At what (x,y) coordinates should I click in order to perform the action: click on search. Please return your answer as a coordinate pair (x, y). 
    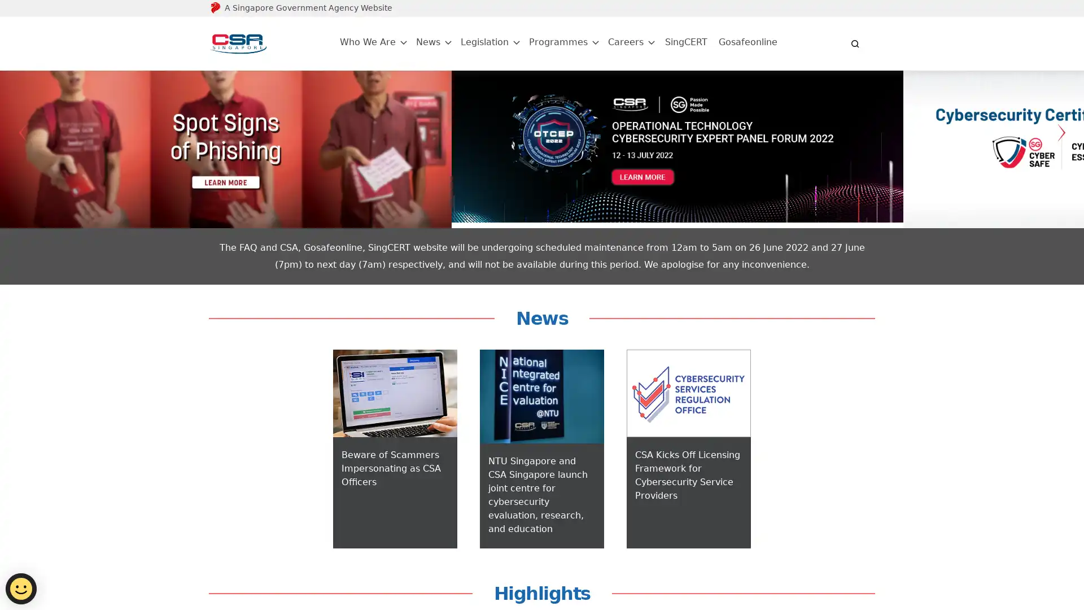
    Looking at the image, I should click on (855, 43).